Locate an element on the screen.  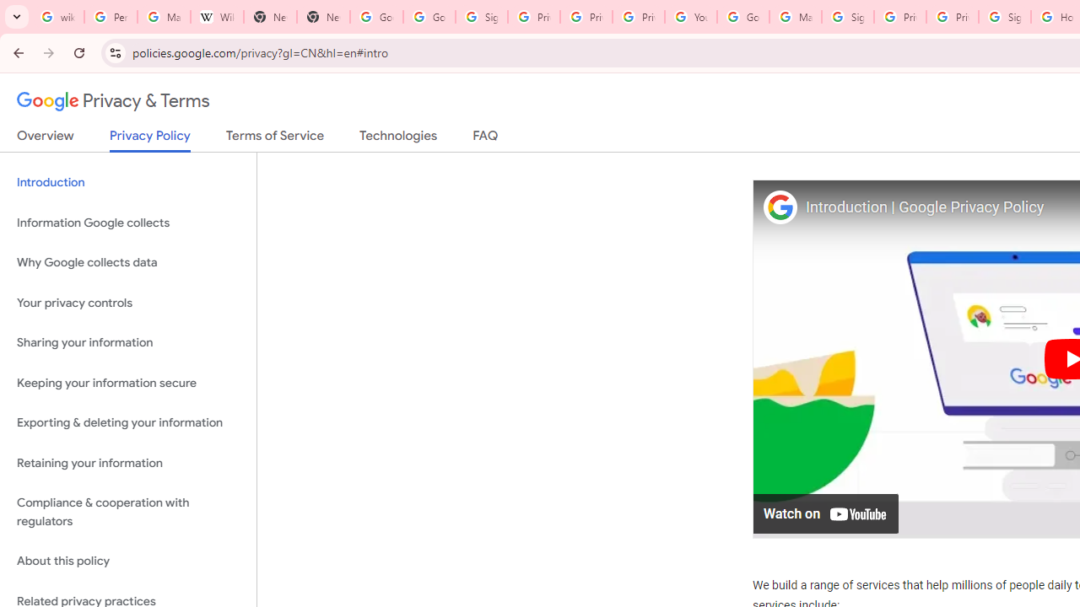
'Wikipedia:Edit requests - Wikipedia' is located at coordinates (216, 17).